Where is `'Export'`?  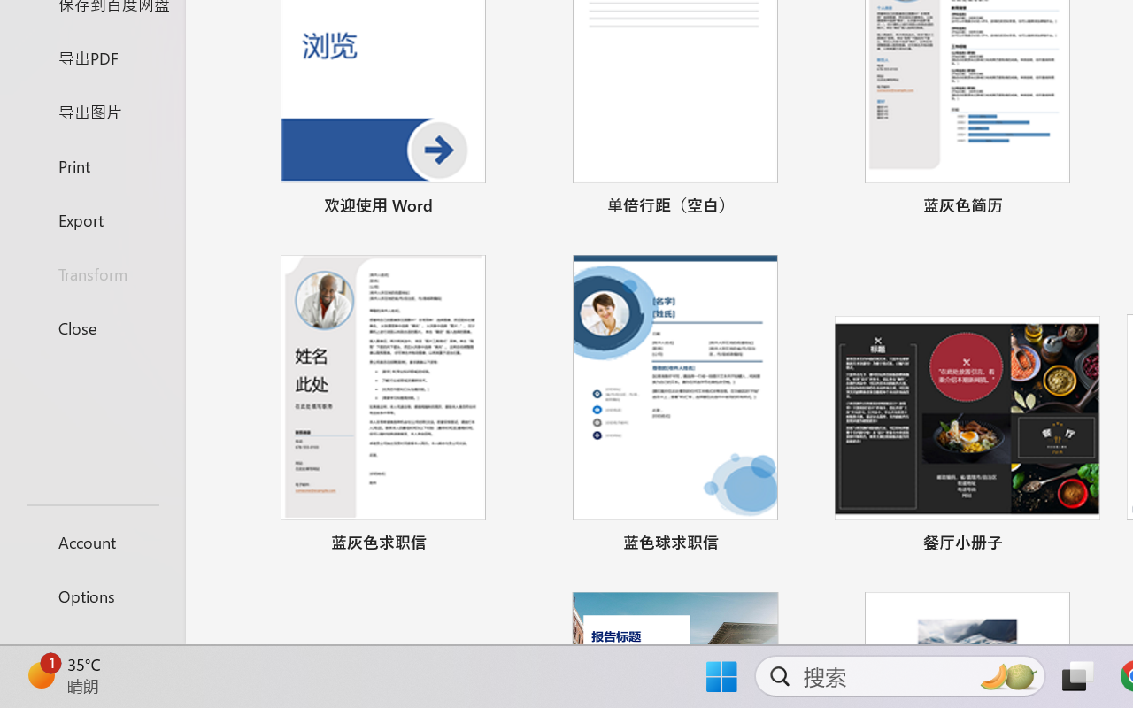 'Export' is located at coordinates (91, 219).